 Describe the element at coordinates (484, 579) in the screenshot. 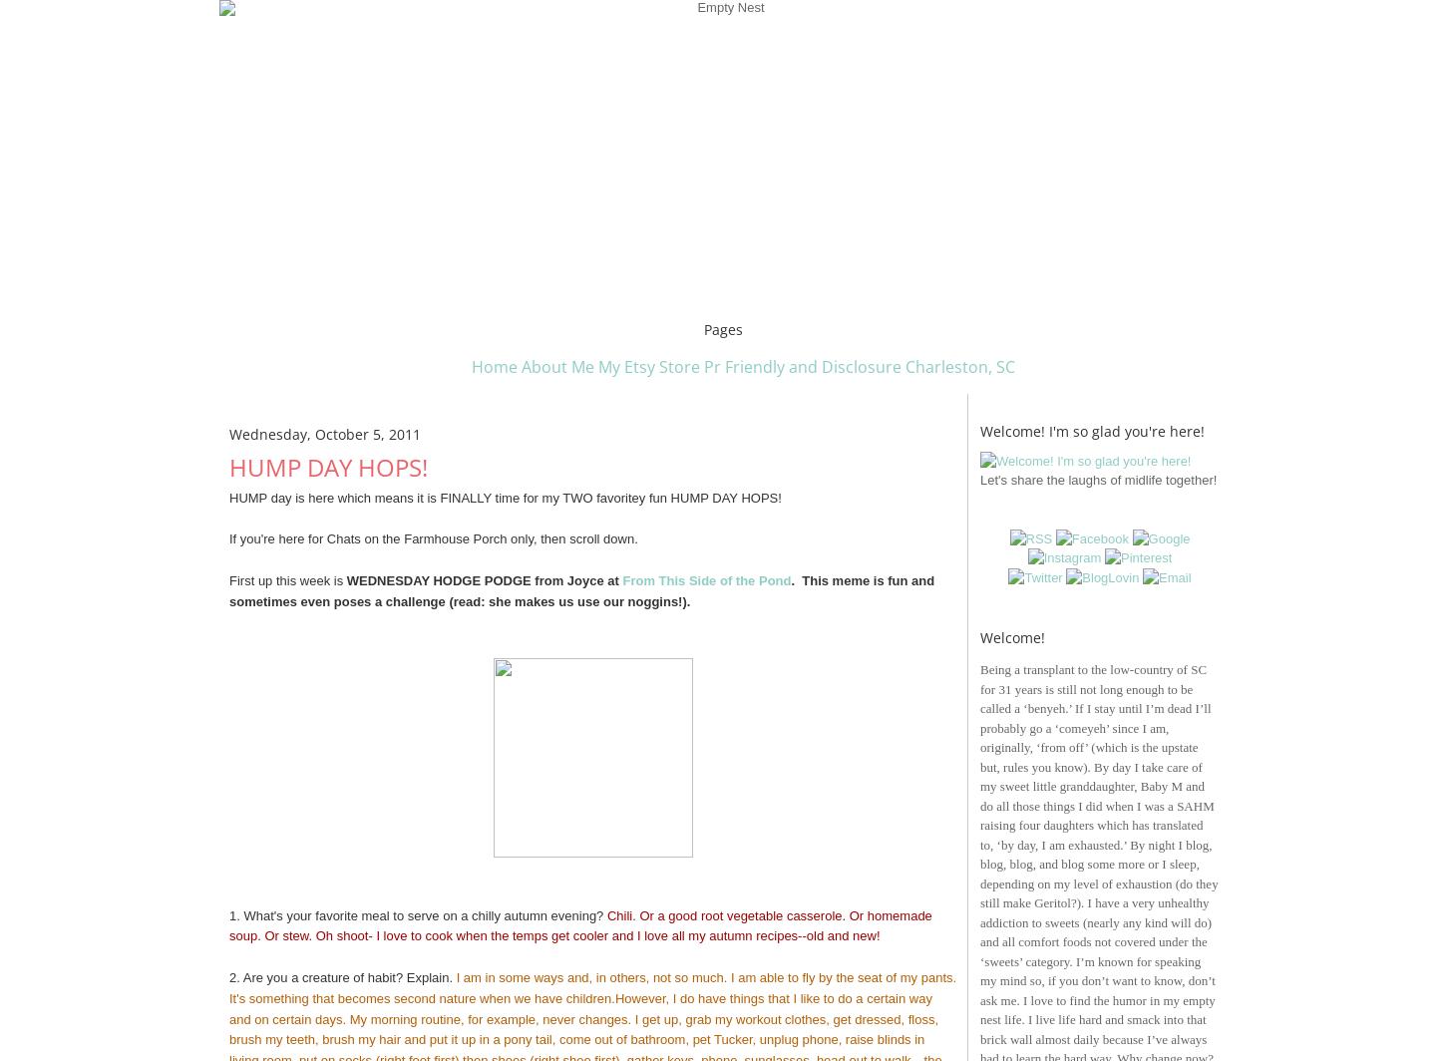

I see `'WEDNESDAY HODGE PODGE from Joyce at'` at that location.